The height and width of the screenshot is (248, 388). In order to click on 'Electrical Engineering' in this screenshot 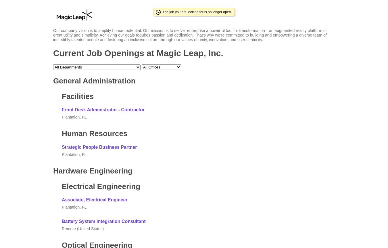, I will do `click(101, 186)`.